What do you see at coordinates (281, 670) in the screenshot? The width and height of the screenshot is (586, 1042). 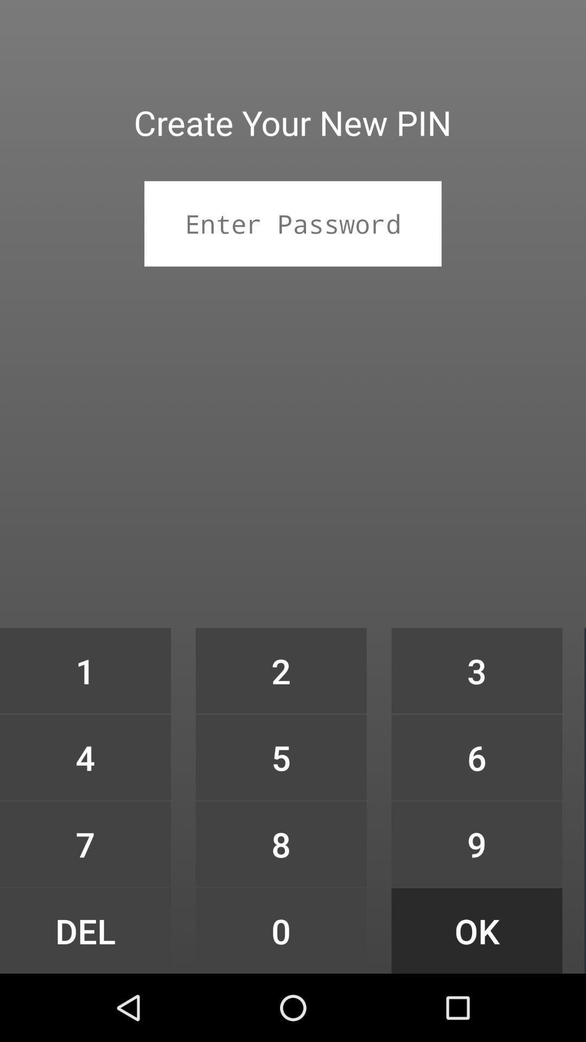 I see `item at the center` at bounding box center [281, 670].